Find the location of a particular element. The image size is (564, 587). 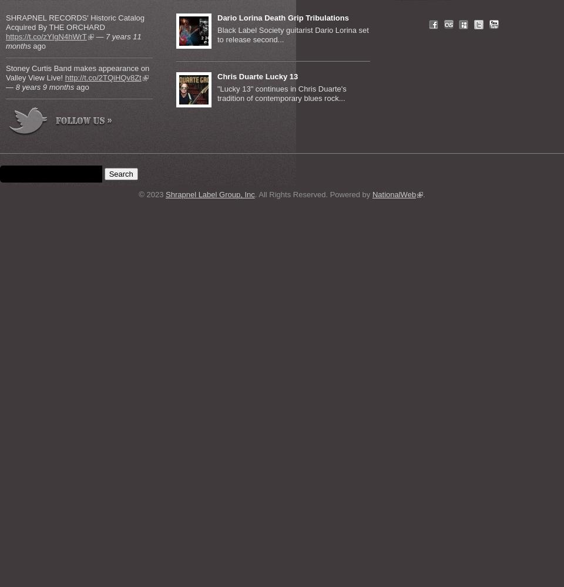

'.' is located at coordinates (423, 194).